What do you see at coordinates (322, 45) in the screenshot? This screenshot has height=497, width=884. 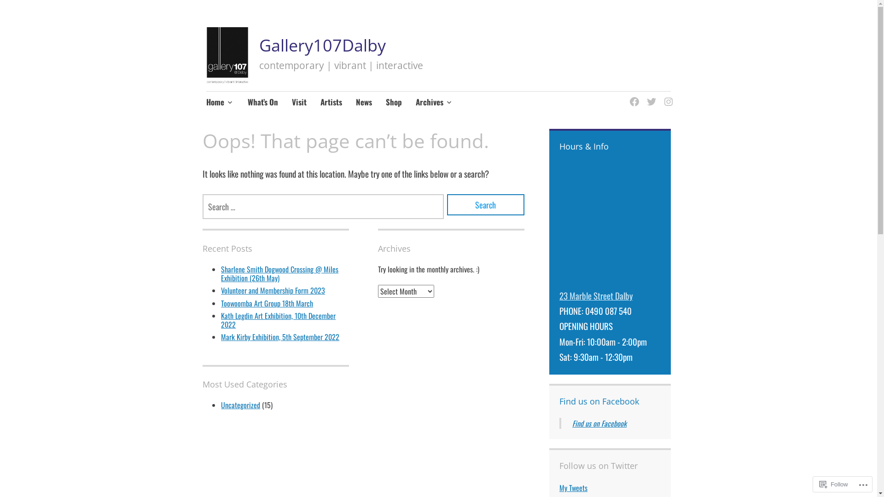 I see `'Gallery107Dalby'` at bounding box center [322, 45].